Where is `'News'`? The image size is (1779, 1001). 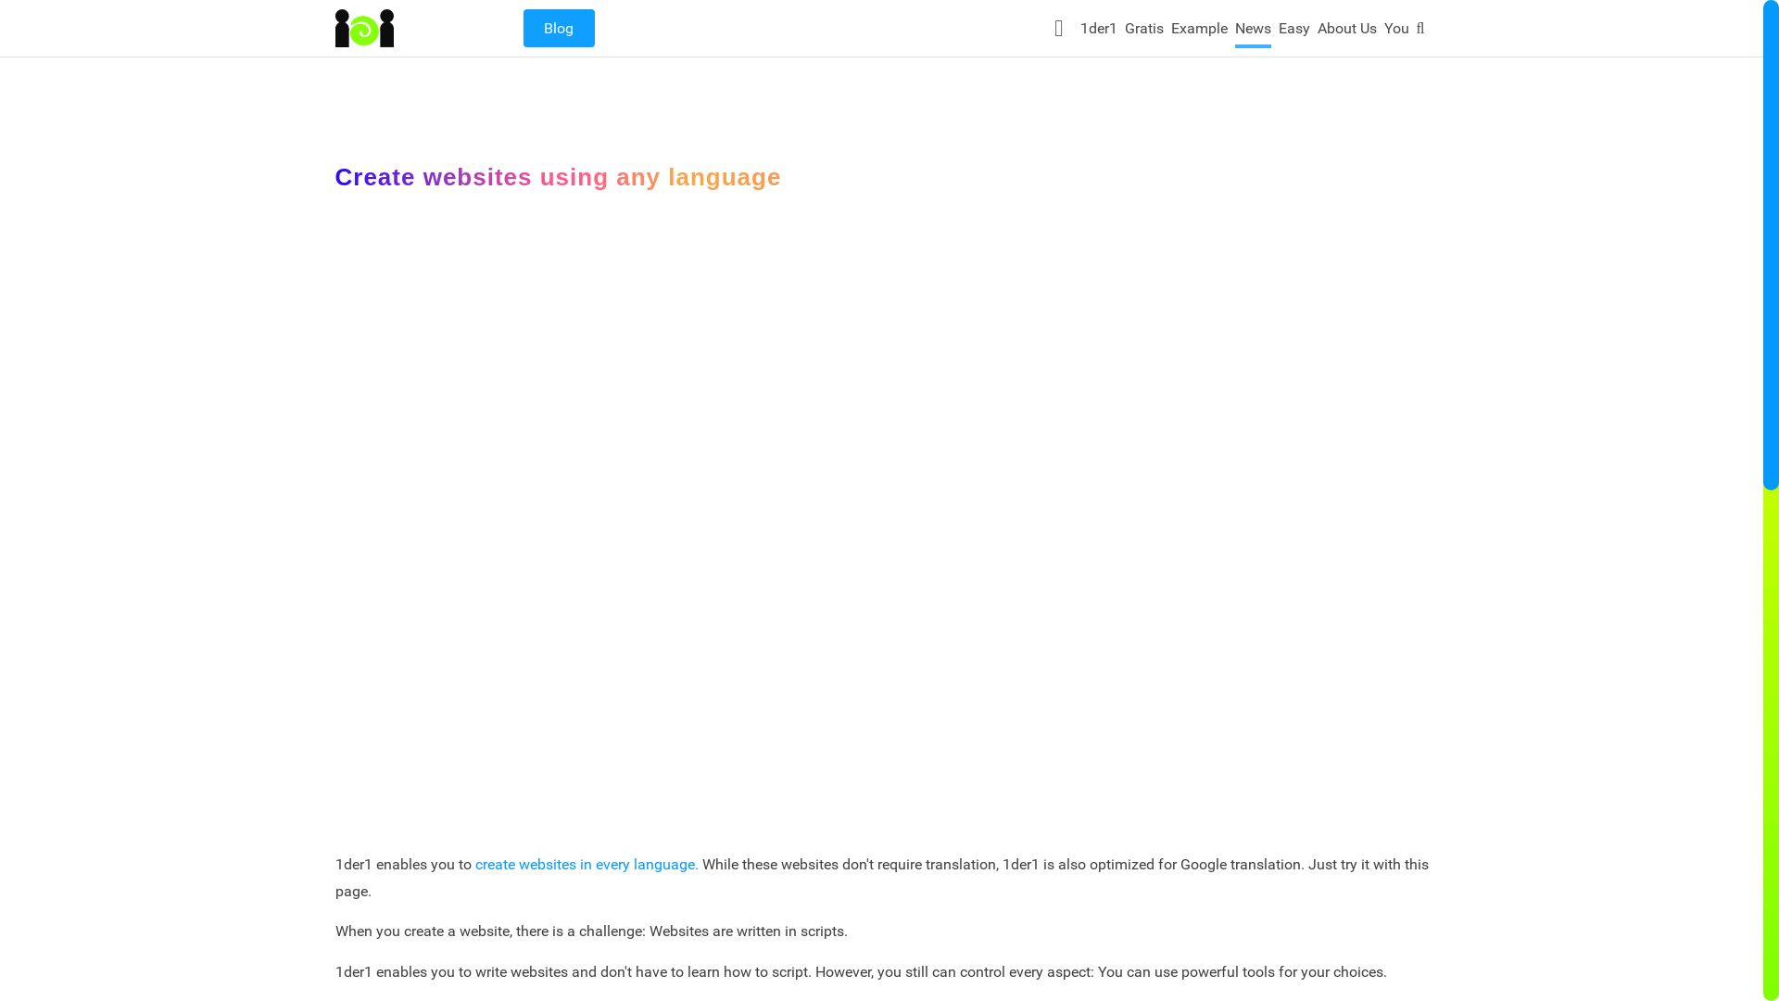
'News' is located at coordinates (1253, 32).